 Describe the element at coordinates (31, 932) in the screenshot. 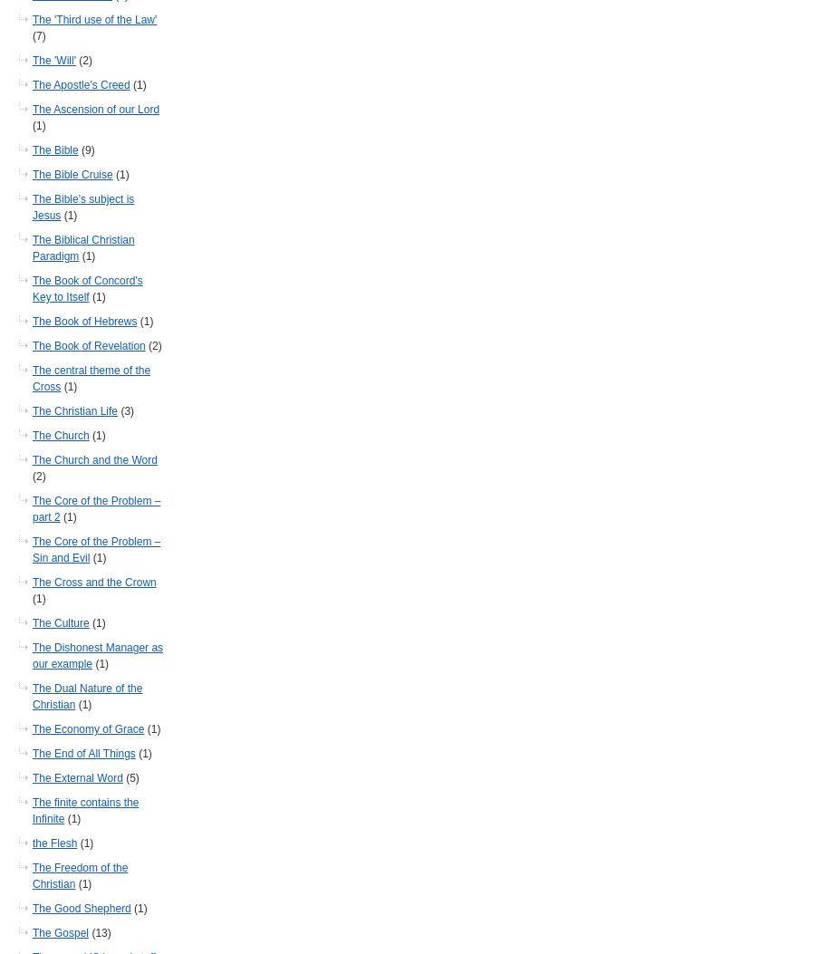

I see `'The Gospel'` at that location.